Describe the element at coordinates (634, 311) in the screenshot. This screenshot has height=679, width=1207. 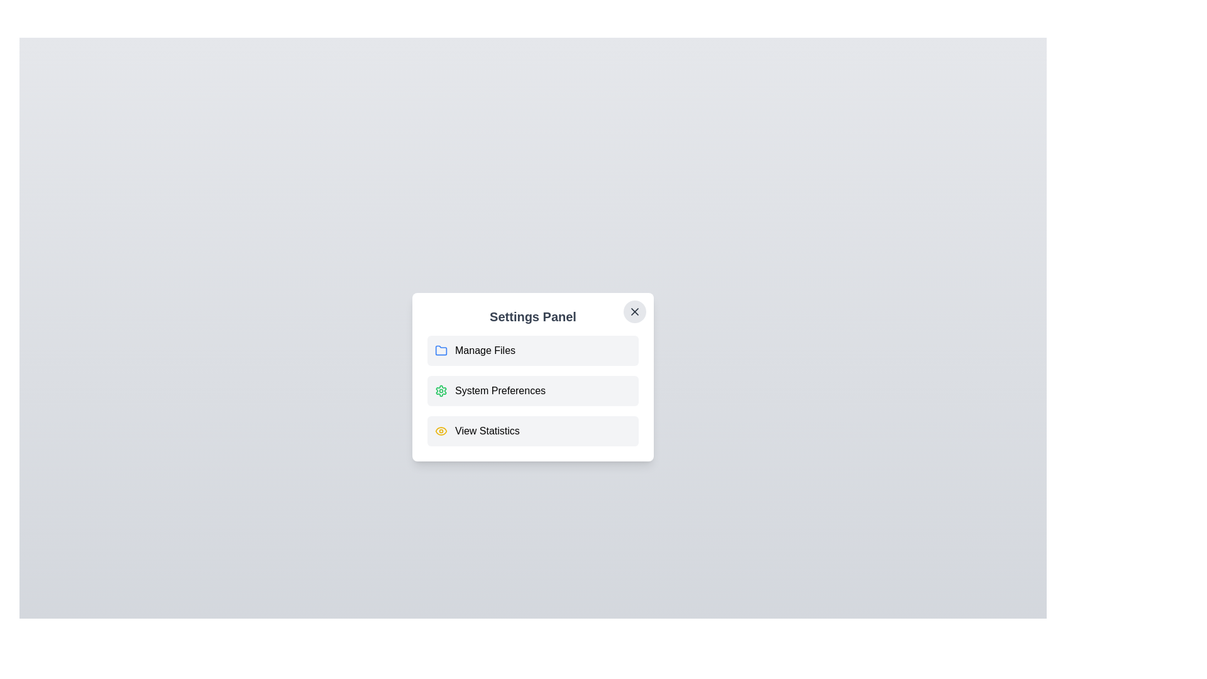
I see `the 'X' icon in the top-right corner of the 'Settings Panel'` at that location.